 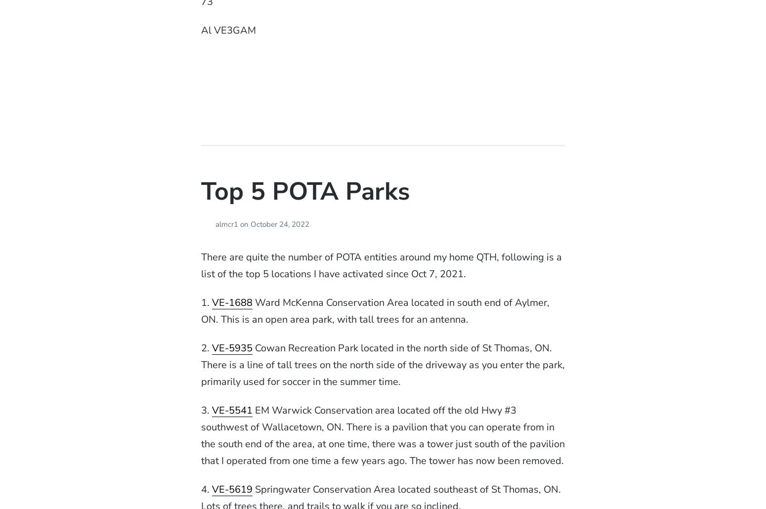 What do you see at coordinates (383, 435) in the screenshot?
I see `'EM Warwick Conservation area located off the old Hwy #3 southwest of Wallacetown, ON. There is a pavilion that you can operate from in the south end of the area, at one time, there was a tower just south of the pavilion that I operated from one time a few years ago. The tower has now been removed.'` at bounding box center [383, 435].